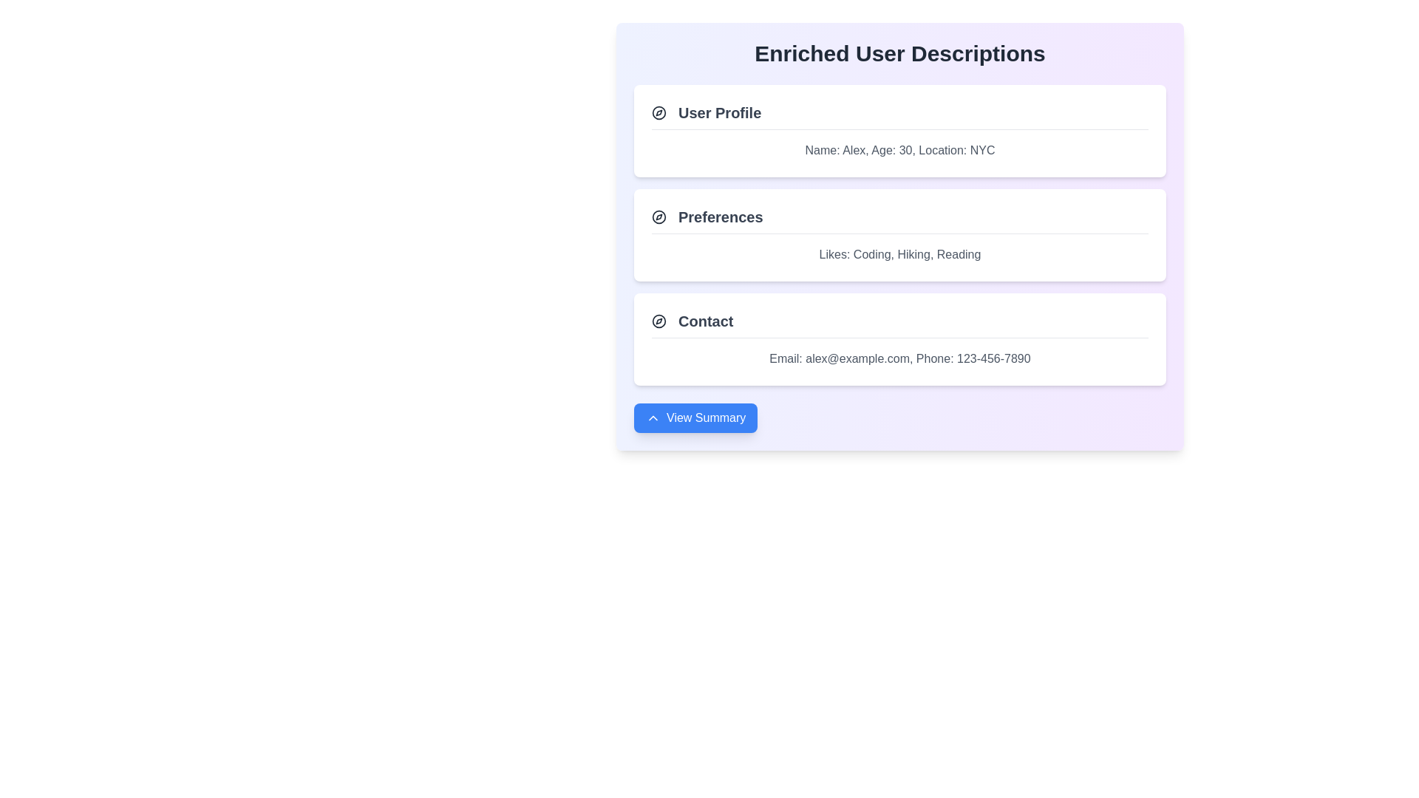 This screenshot has width=1419, height=798. What do you see at coordinates (652, 418) in the screenshot?
I see `the small chevron-up icon, which is styled as an SVG and located inside the blue 'View Summary' button` at bounding box center [652, 418].